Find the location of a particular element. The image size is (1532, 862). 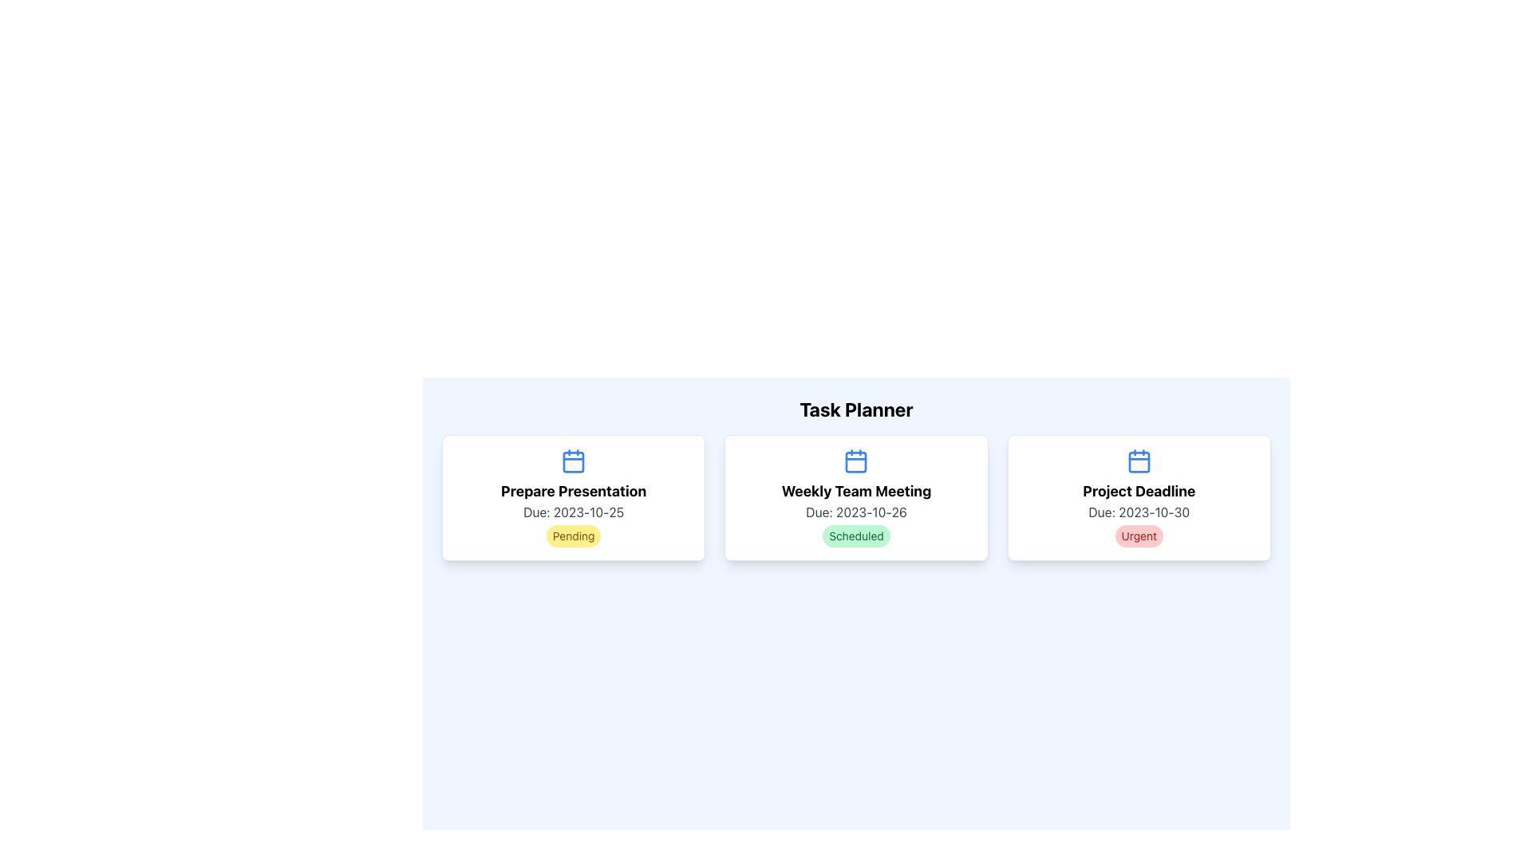

the small, rounded rectangular badge with a red background and dark red text that displays the word 'Urgent', located at the bottom of the 'Project Deadline' card in the third column of the task list is located at coordinates (1138, 536).